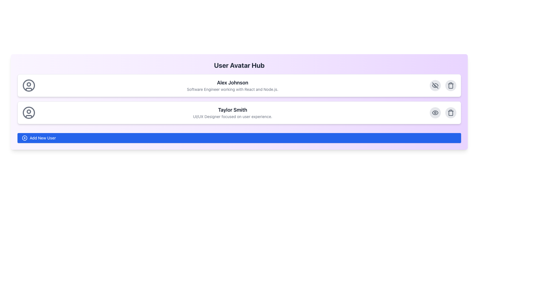 Image resolution: width=533 pixels, height=300 pixels. I want to click on the circular button with a light gray background and a trash bin icon, located in the upper-right portion of the profile card of 'Alex Johnson', so click(451, 86).